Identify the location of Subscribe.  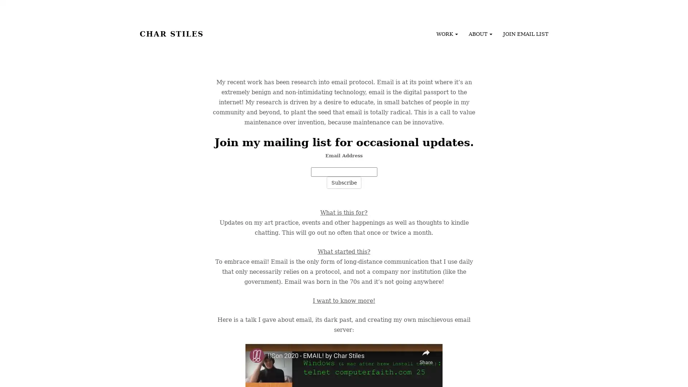
(343, 182).